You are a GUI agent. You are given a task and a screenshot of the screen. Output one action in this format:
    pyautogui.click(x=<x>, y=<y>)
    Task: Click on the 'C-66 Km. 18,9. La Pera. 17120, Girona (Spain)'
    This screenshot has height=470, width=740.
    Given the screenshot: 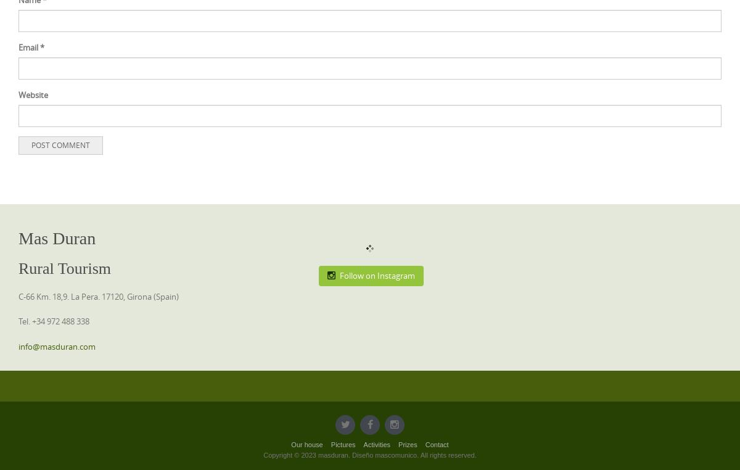 What is the action you would take?
    pyautogui.click(x=97, y=295)
    